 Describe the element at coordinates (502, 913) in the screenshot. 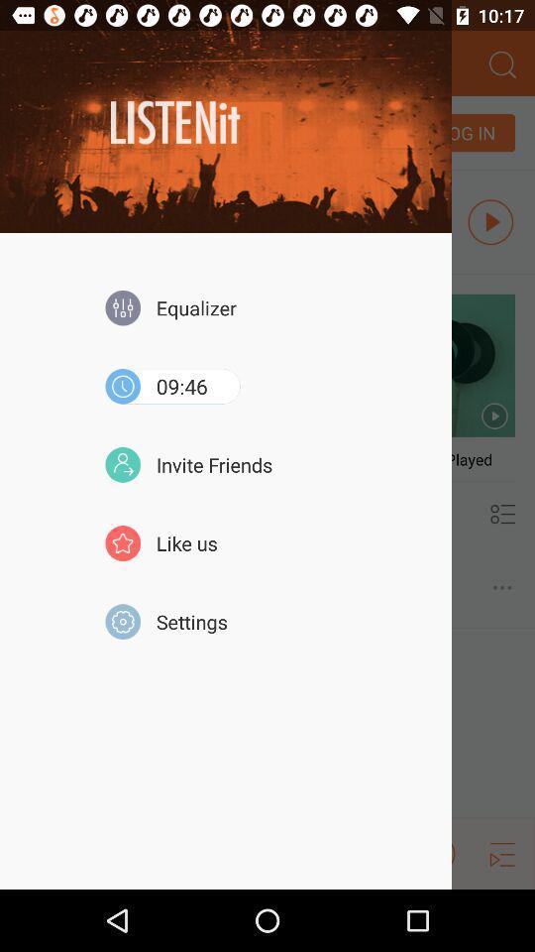

I see `the list icon` at that location.